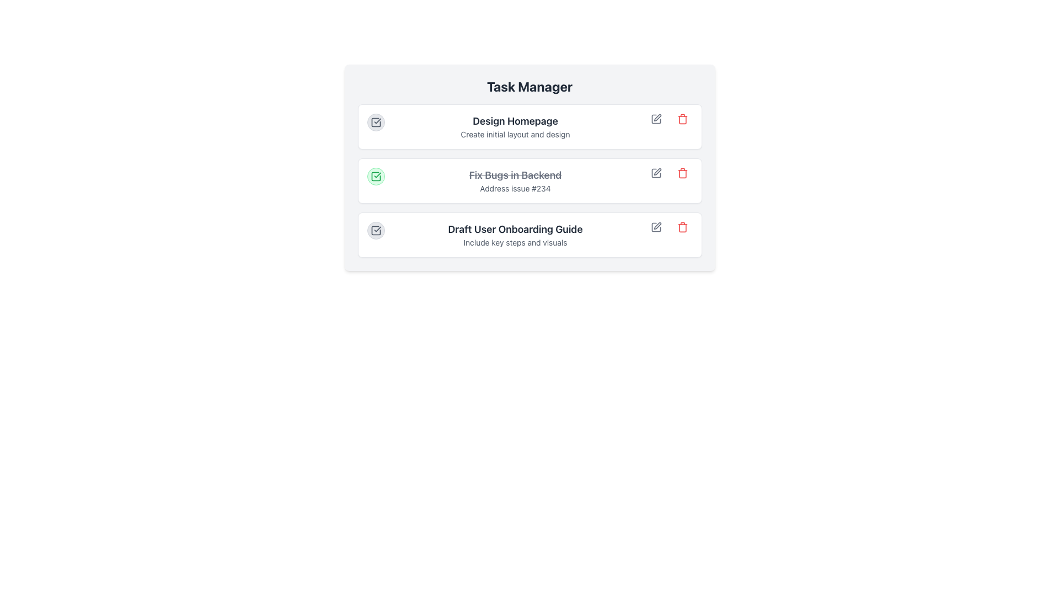 The image size is (1059, 596). I want to click on the 'Task Manager' text label, which is styled in bold and large font and located centrally above a list of tasks, so click(529, 86).